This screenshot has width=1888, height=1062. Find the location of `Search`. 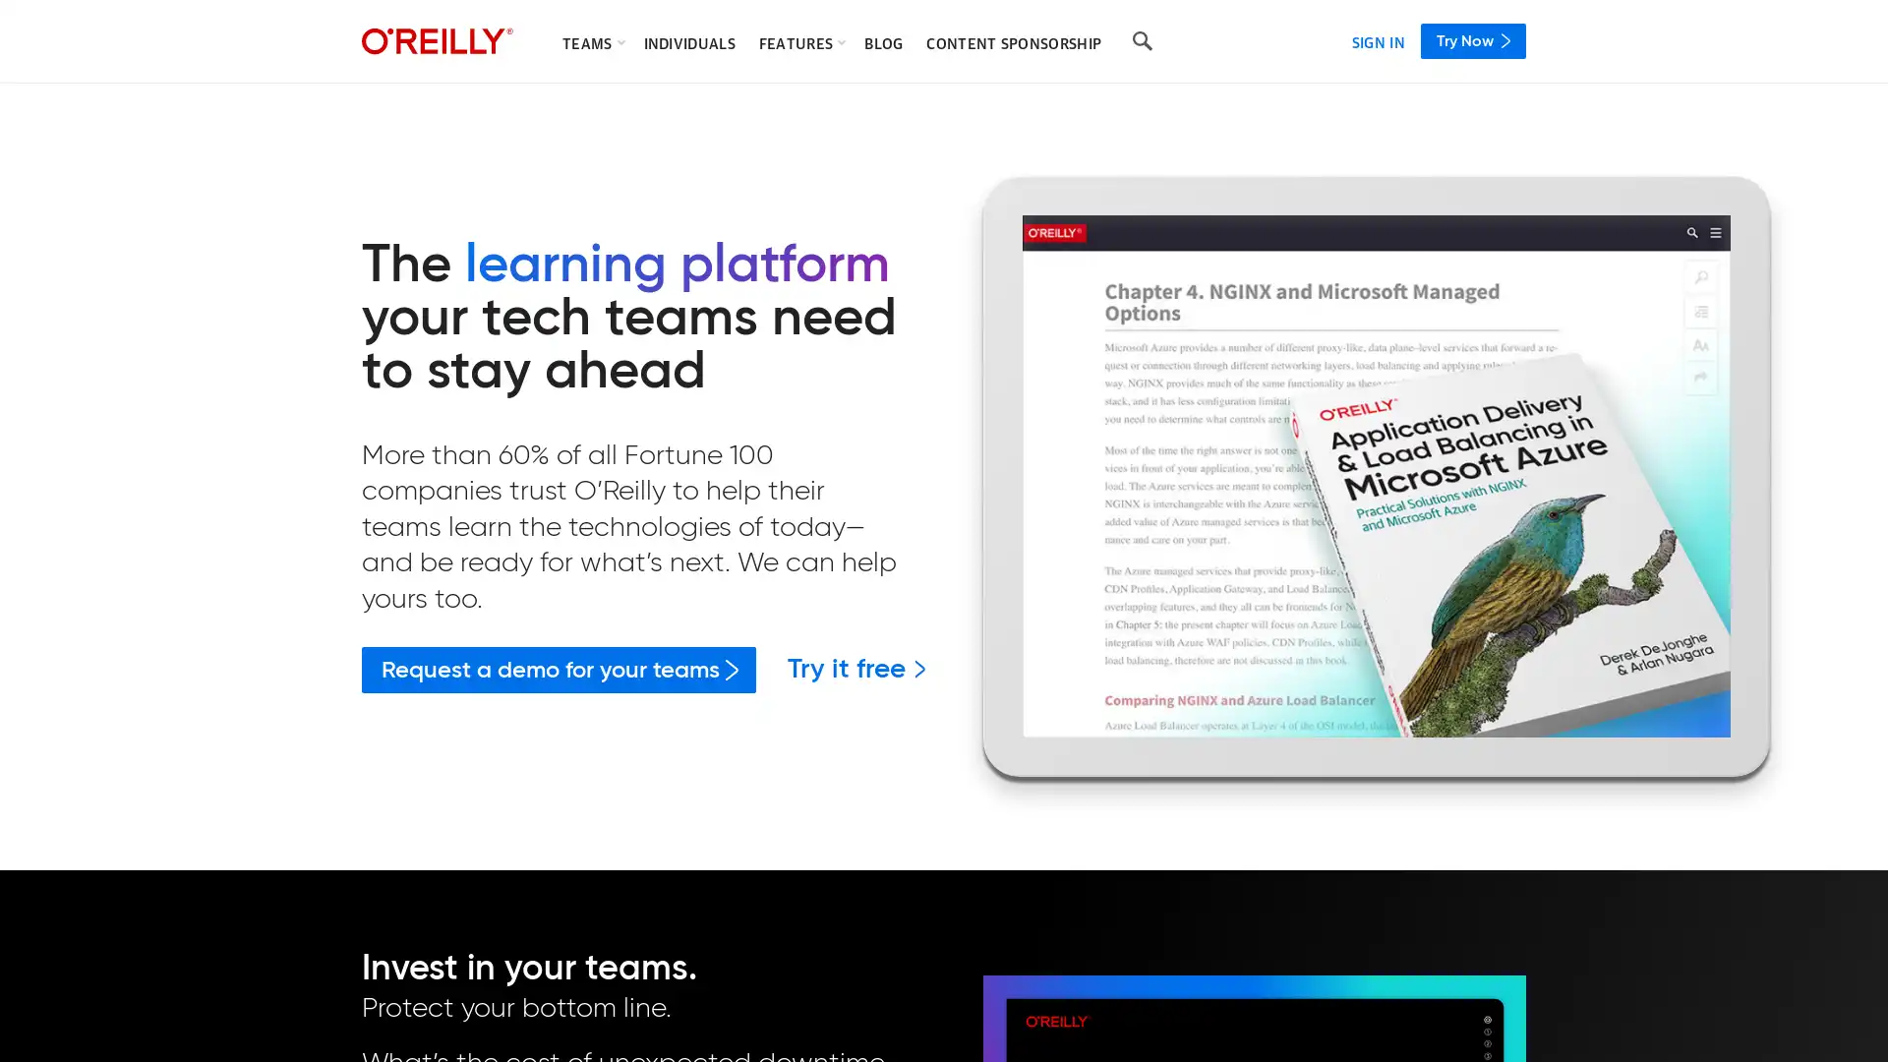

Search is located at coordinates (1142, 41).